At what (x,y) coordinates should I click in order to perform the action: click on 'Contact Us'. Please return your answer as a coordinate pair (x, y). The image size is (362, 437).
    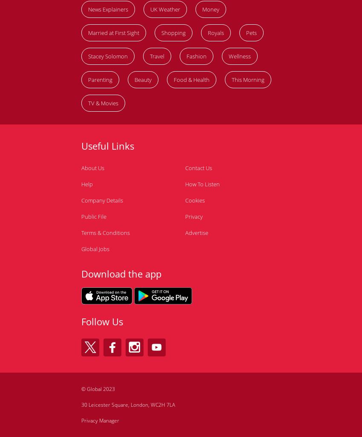
    Looking at the image, I should click on (185, 167).